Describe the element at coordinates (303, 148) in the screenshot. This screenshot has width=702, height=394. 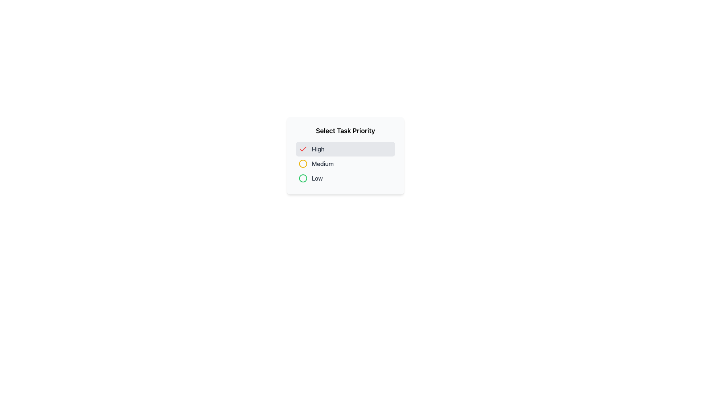
I see `the checkmark SVG icon representing the selection status of the 'High' priority task option in the task priority selection panel` at that location.